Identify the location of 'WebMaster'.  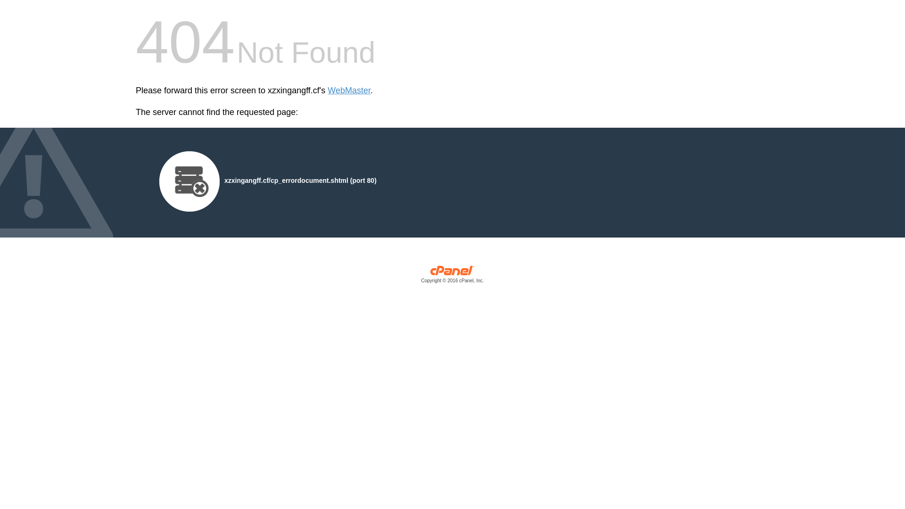
(348, 90).